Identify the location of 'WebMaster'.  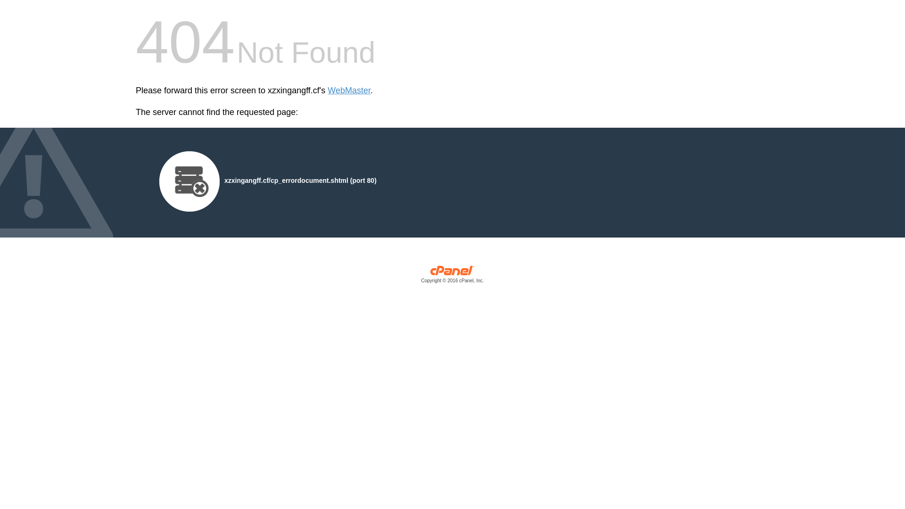
(348, 90).